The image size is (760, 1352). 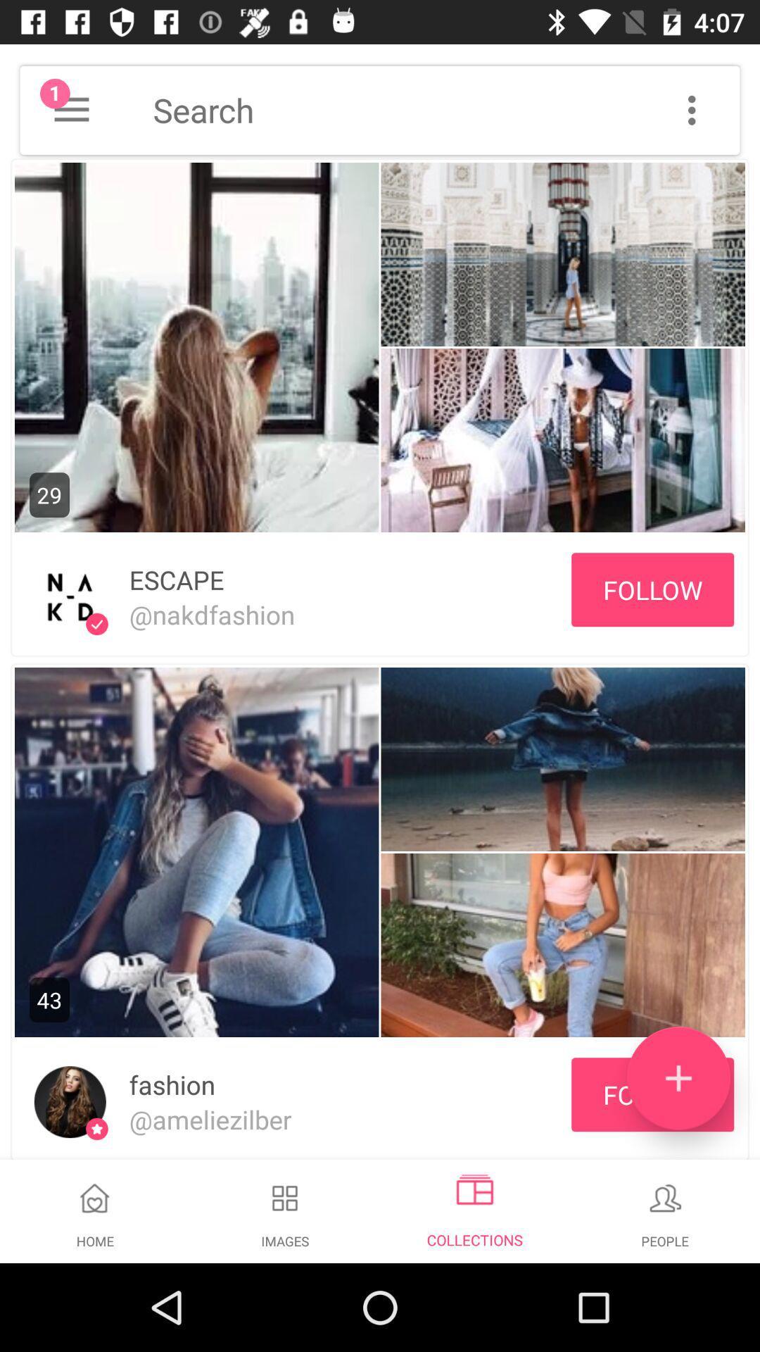 I want to click on the item to the right of fashion icon, so click(x=678, y=1077).